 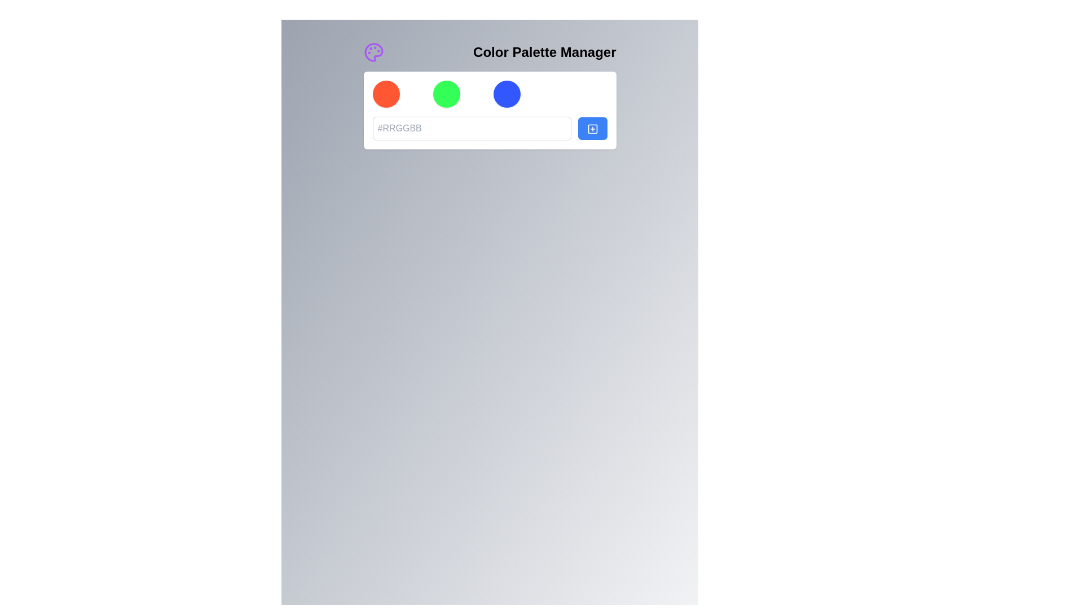 I want to click on the circular color option in the Row layout of selectable circular items within the 'Color Palette Manager', so click(x=490, y=93).